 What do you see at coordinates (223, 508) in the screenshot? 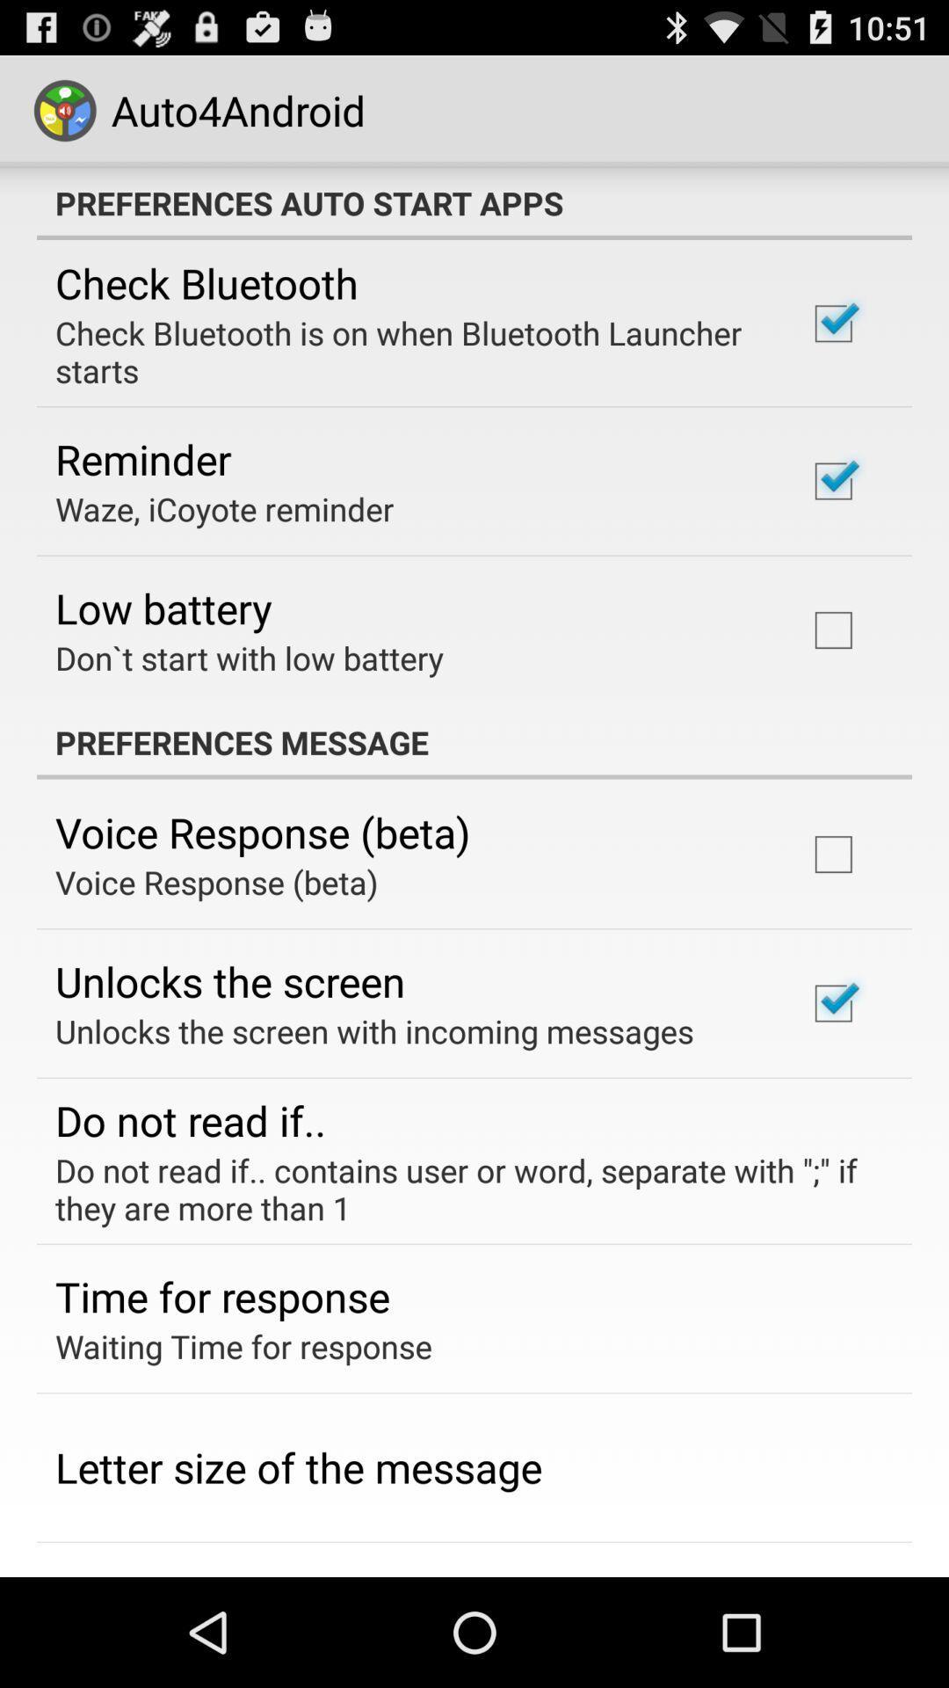
I see `waze, icoyote reminder item` at bounding box center [223, 508].